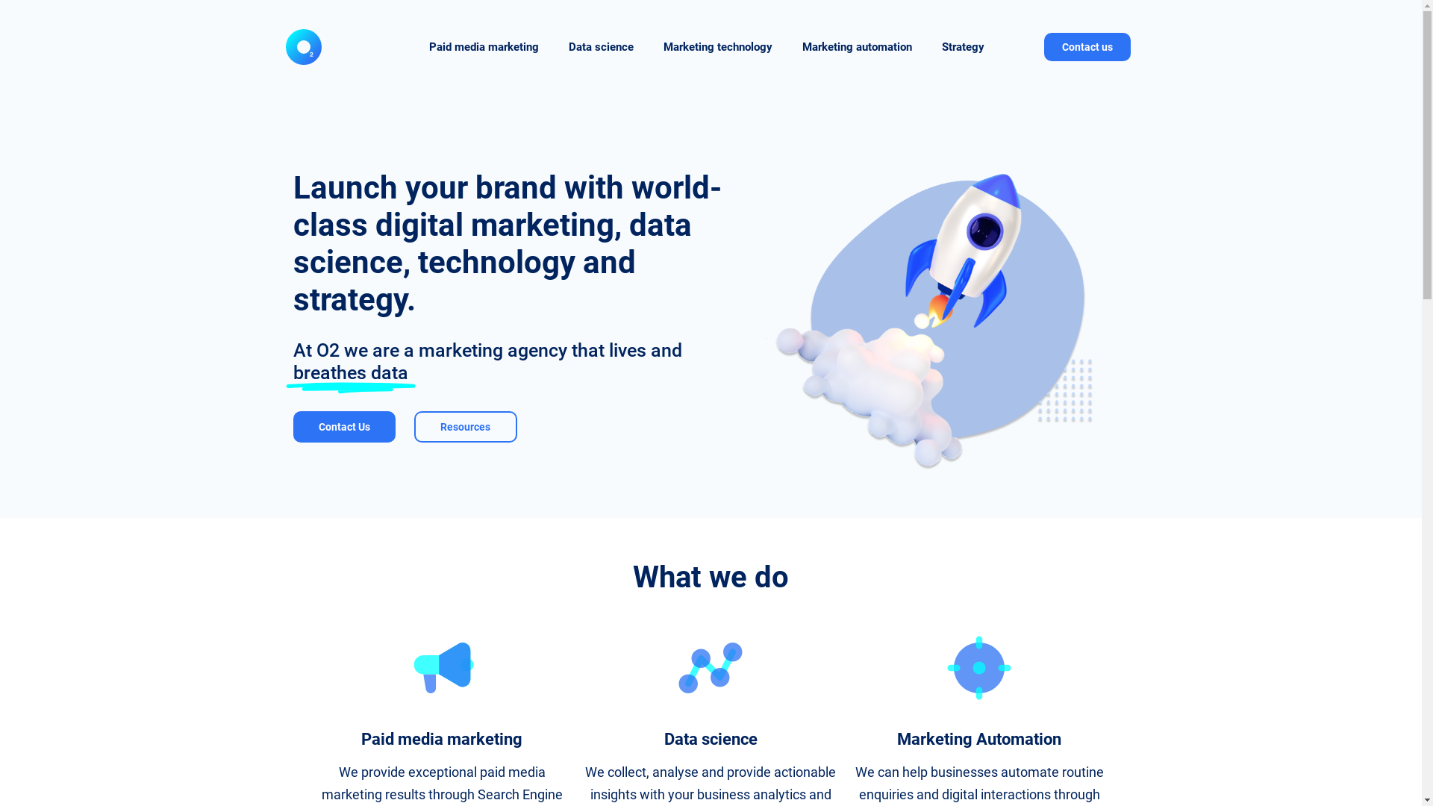  What do you see at coordinates (648, 46) in the screenshot?
I see `'Marketing technology'` at bounding box center [648, 46].